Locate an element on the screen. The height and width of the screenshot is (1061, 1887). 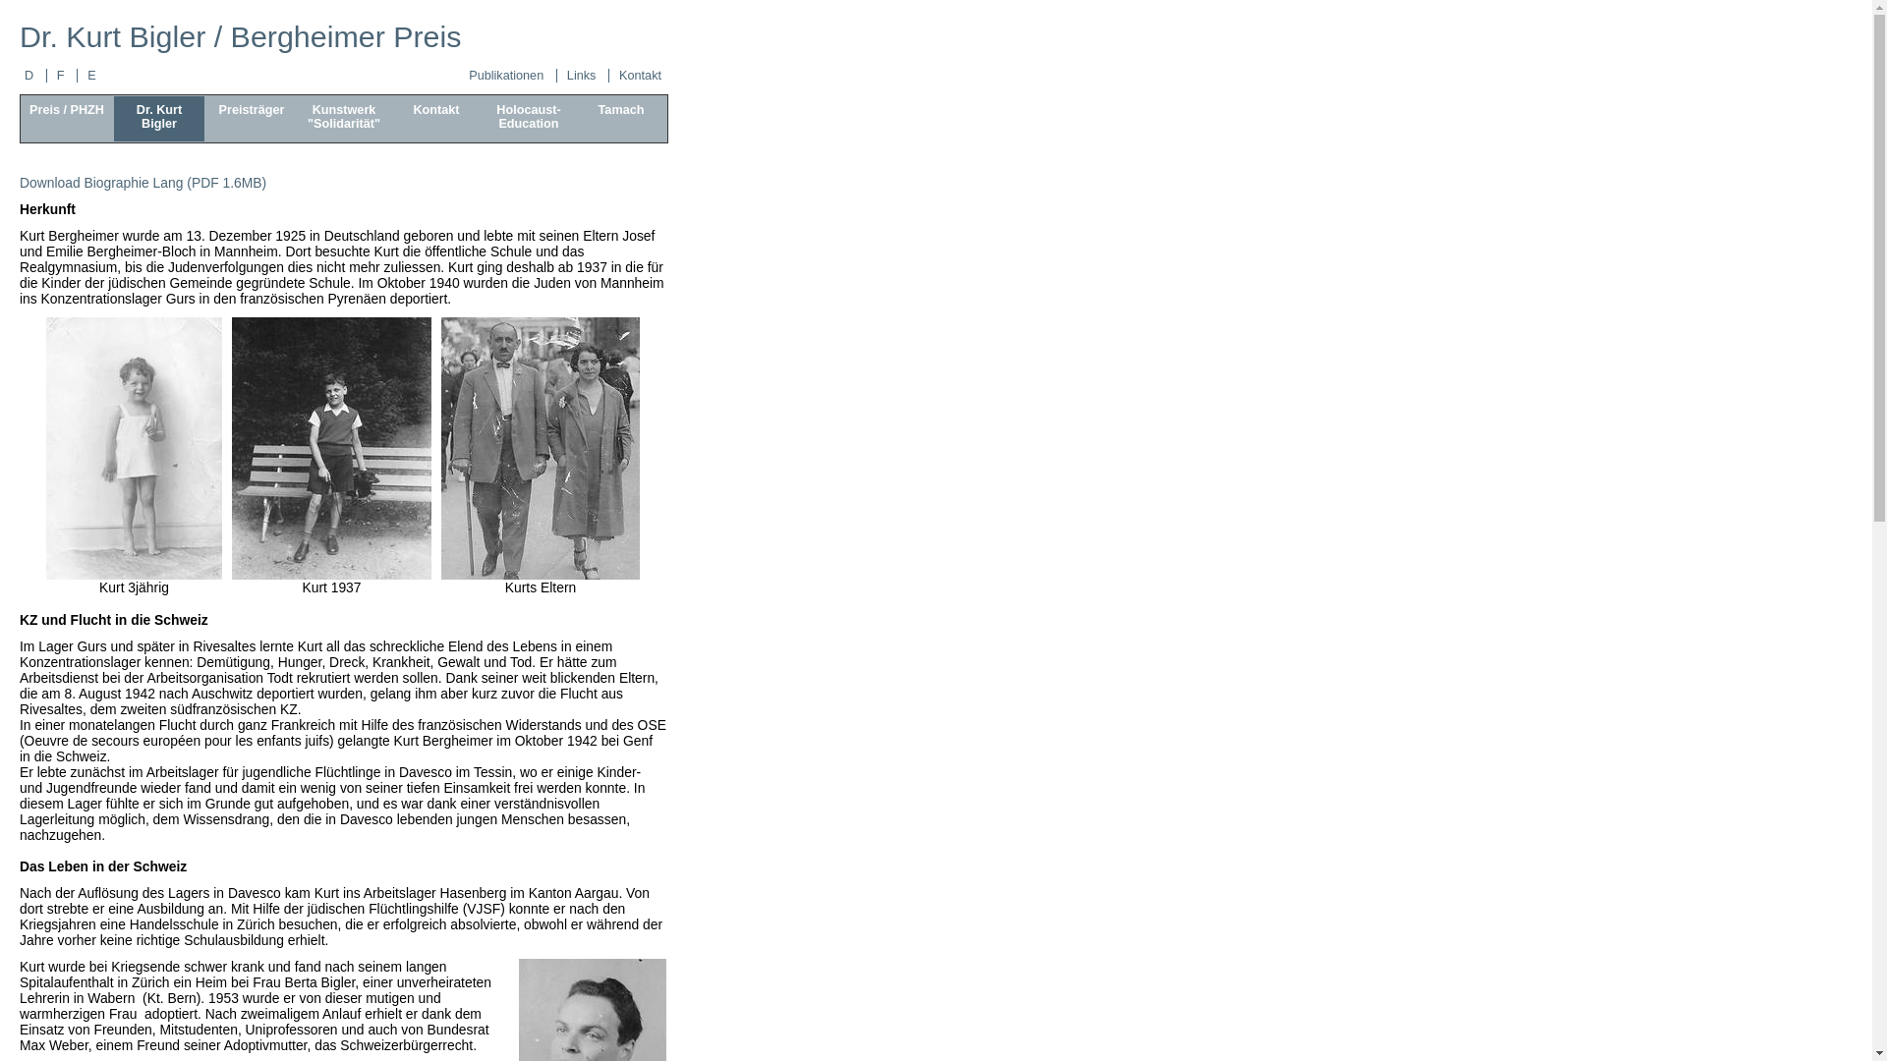
'Kontakt' is located at coordinates (640, 75).